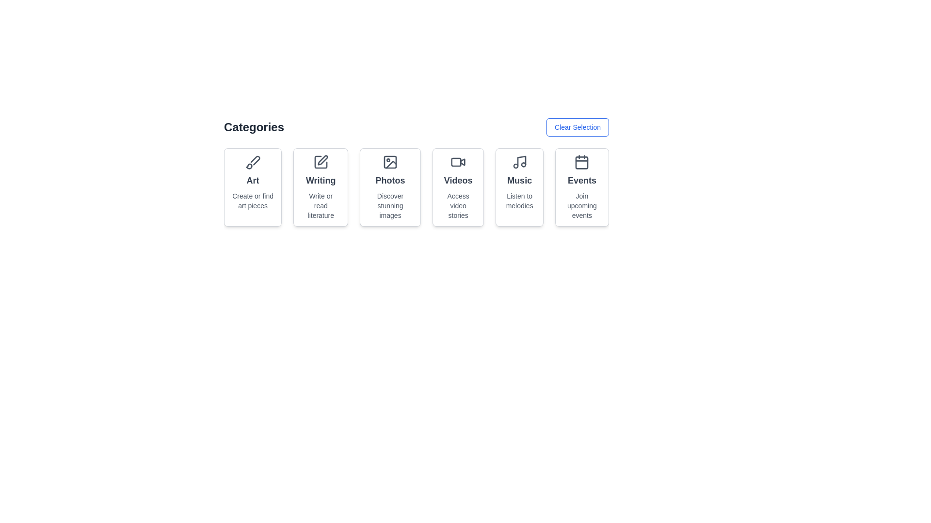 This screenshot has height=523, width=931. What do you see at coordinates (253, 162) in the screenshot?
I see `the SVG icon resembling a brush located at the top of the 'Art' category card, directly above the text 'Art'` at bounding box center [253, 162].